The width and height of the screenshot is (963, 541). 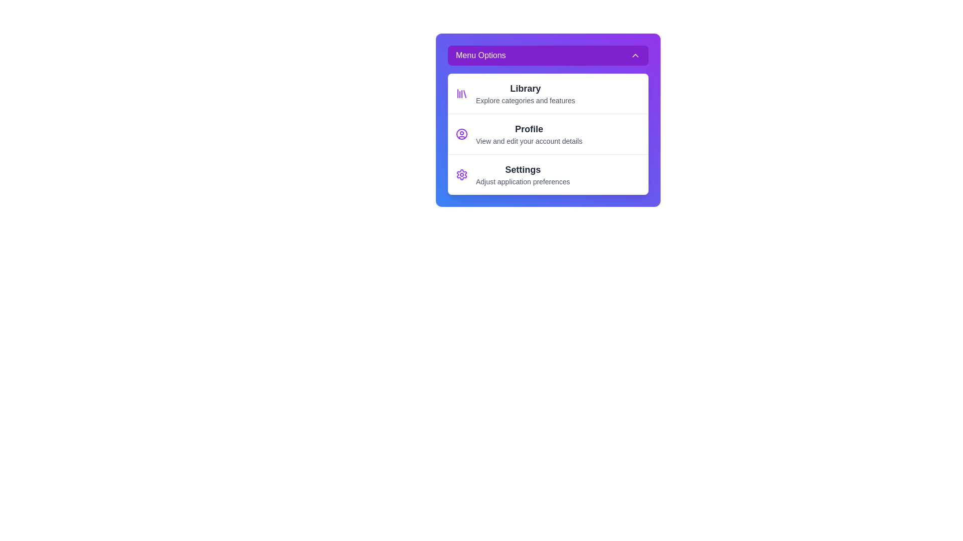 I want to click on the outermost SVG circle that visually marks the 'Profile' section in the menu for user-related actions, so click(x=461, y=133).